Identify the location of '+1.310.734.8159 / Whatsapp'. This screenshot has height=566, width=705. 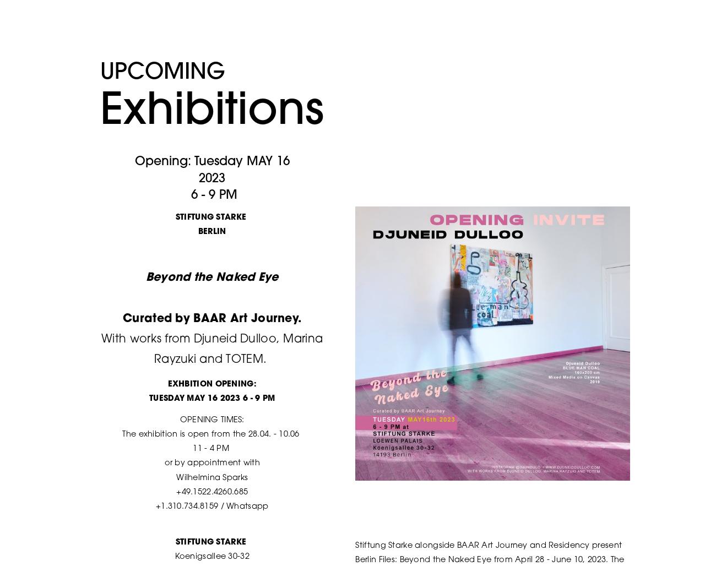
(211, 506).